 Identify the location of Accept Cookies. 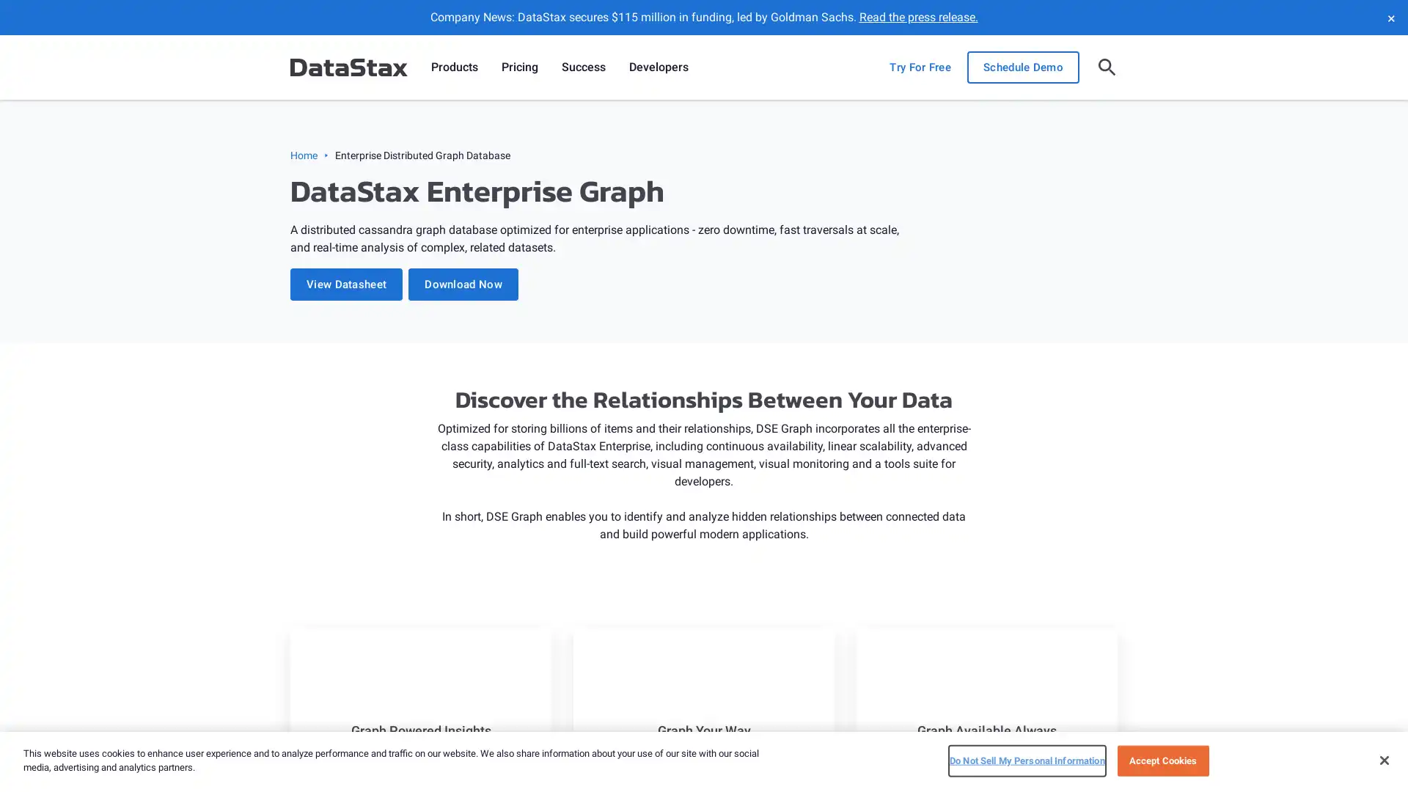
(1162, 760).